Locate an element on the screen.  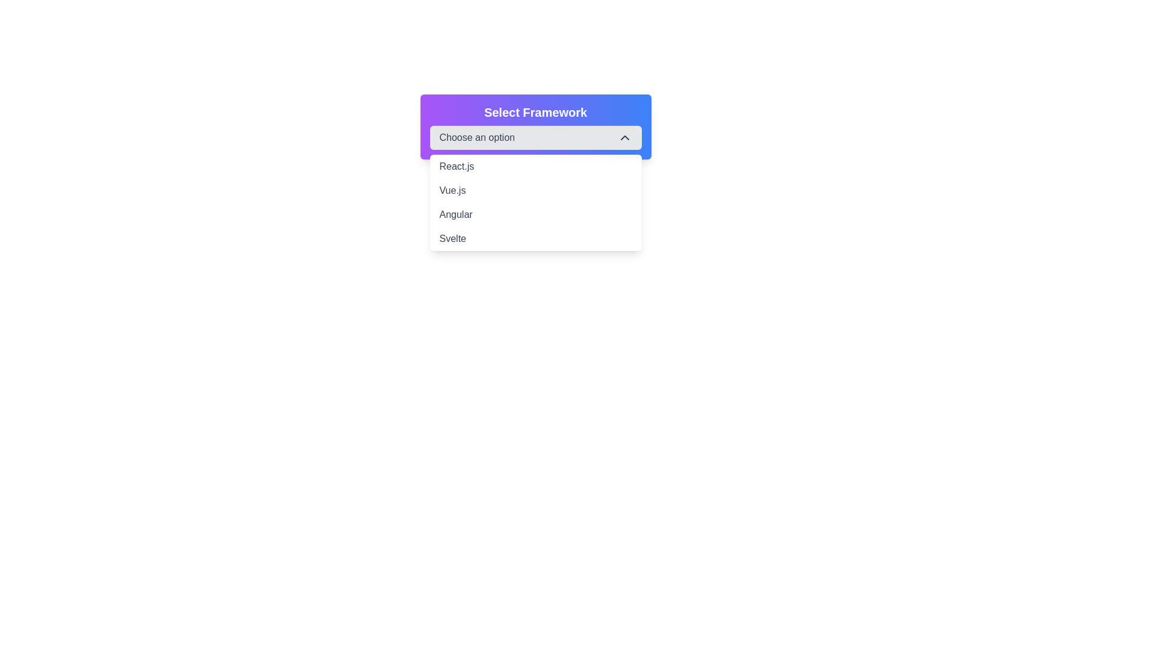
the 'Svelte' text label in the dropdown menu is located at coordinates (452, 239).